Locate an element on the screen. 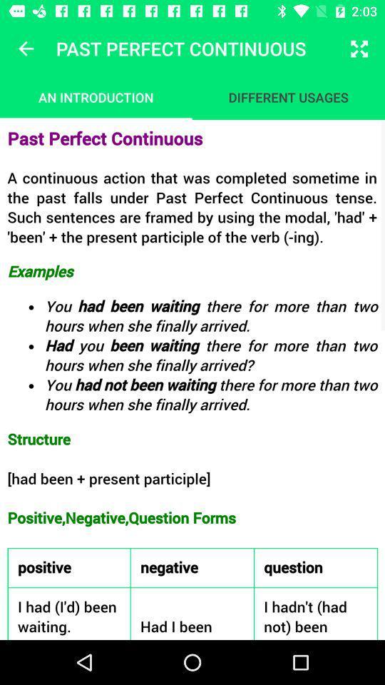 Image resolution: width=385 pixels, height=685 pixels. learning information area is located at coordinates (192, 379).